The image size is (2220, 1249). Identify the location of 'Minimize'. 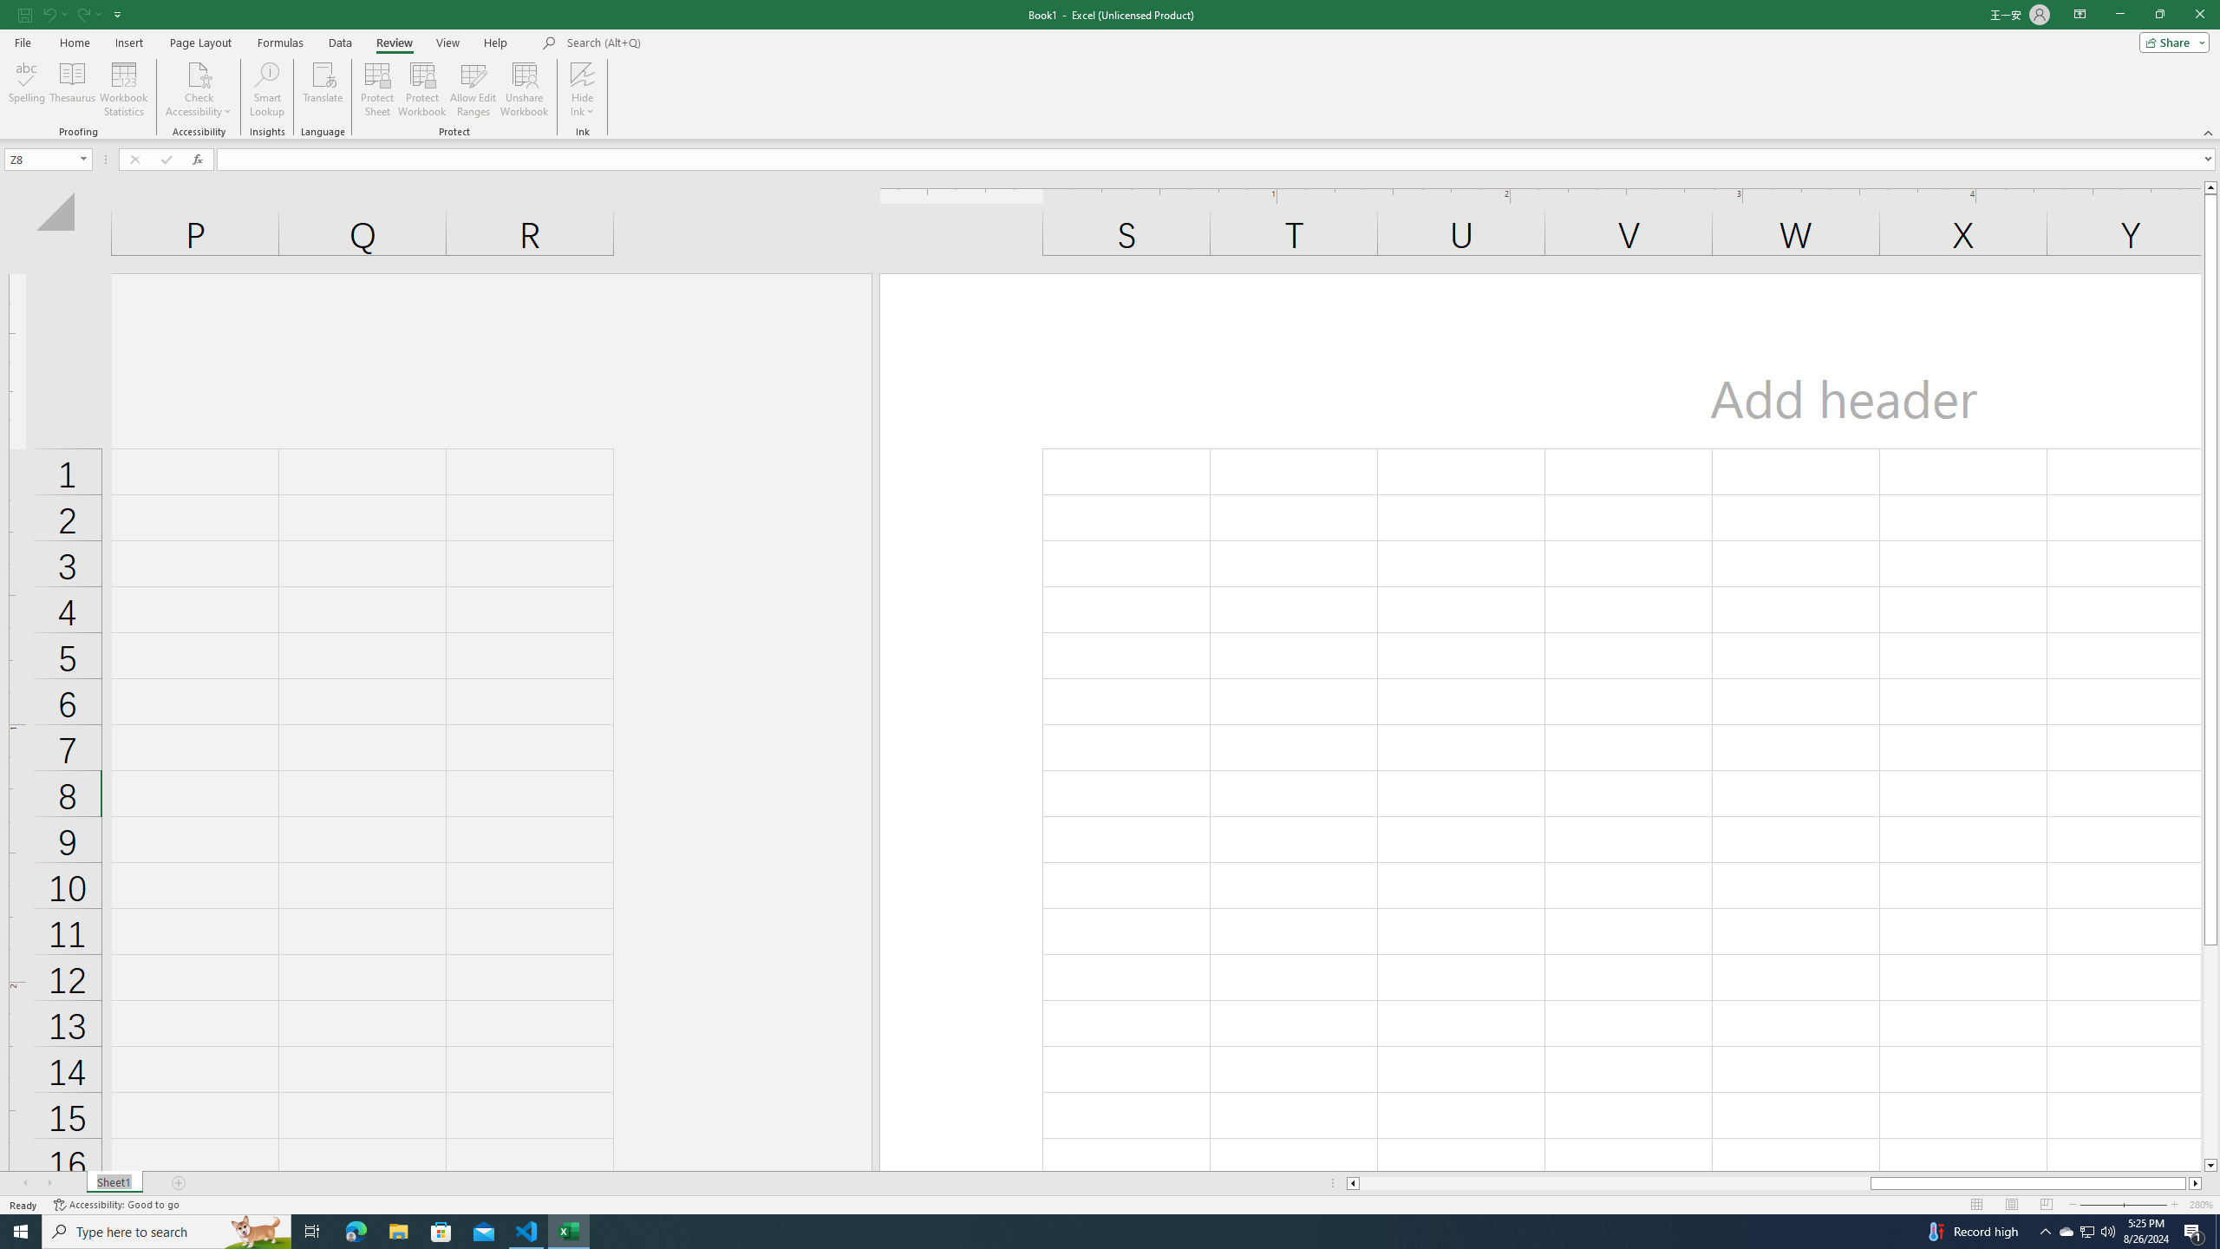
(2119, 14).